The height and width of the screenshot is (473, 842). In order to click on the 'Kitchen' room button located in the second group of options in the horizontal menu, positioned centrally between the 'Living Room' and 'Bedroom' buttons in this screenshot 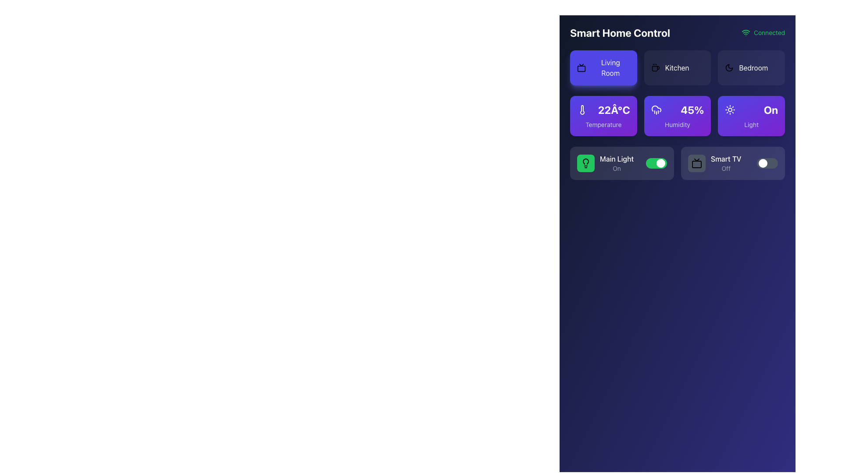, I will do `click(677, 67)`.